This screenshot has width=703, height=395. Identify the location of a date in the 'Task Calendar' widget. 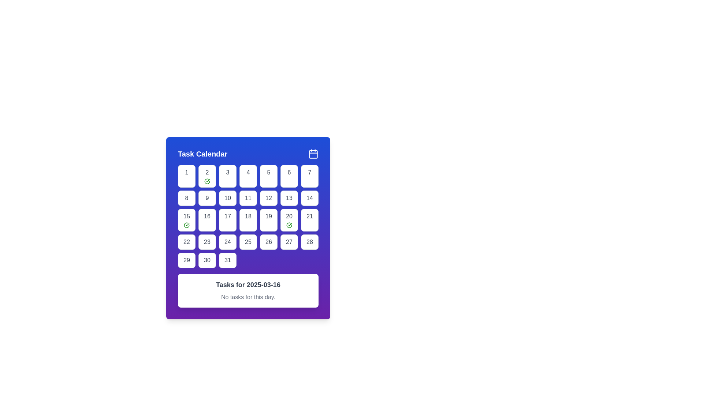
(248, 228).